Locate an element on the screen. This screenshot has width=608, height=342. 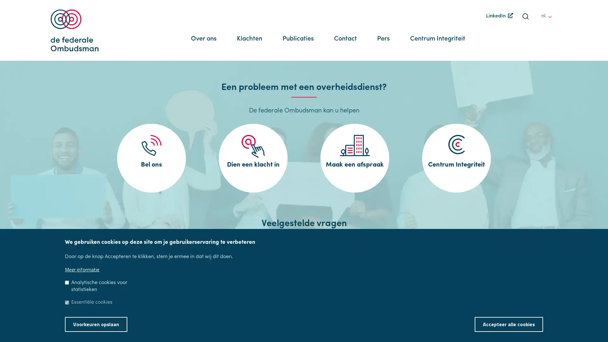
other languages is located at coordinates (551, 16).